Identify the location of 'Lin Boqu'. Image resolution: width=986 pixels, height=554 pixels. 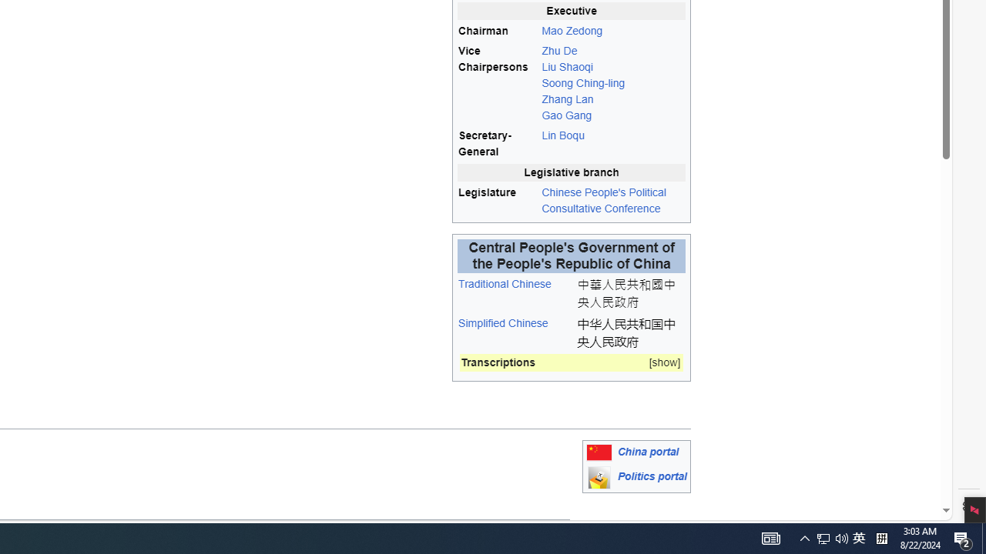
(562, 135).